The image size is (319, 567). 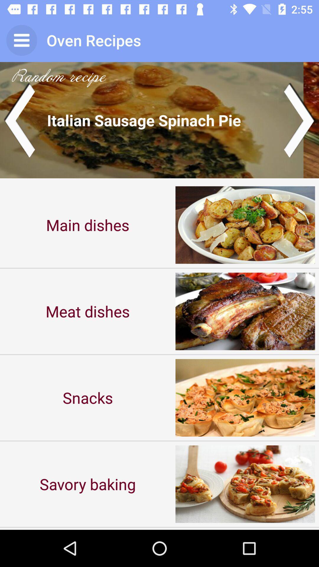 I want to click on app to the left of the oven recipes, so click(x=21, y=40).